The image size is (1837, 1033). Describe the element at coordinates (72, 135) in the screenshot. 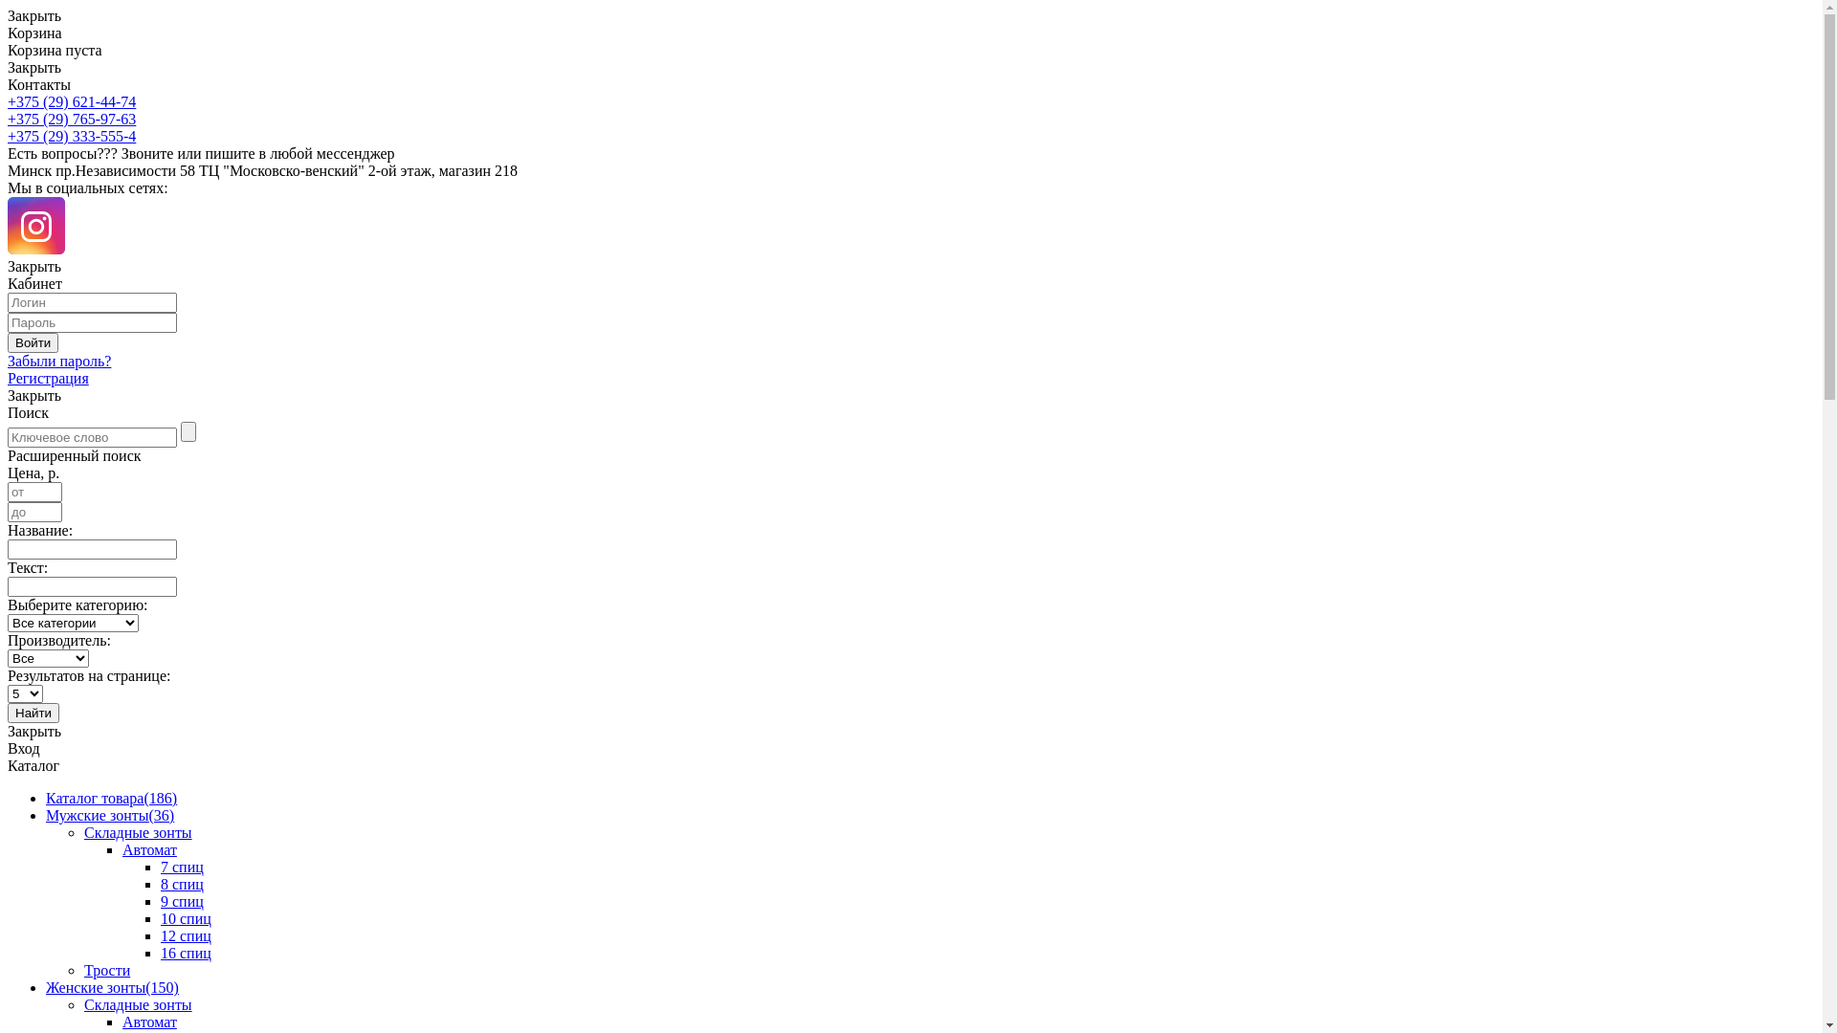

I see `'+375 (29) 333-555-4'` at that location.